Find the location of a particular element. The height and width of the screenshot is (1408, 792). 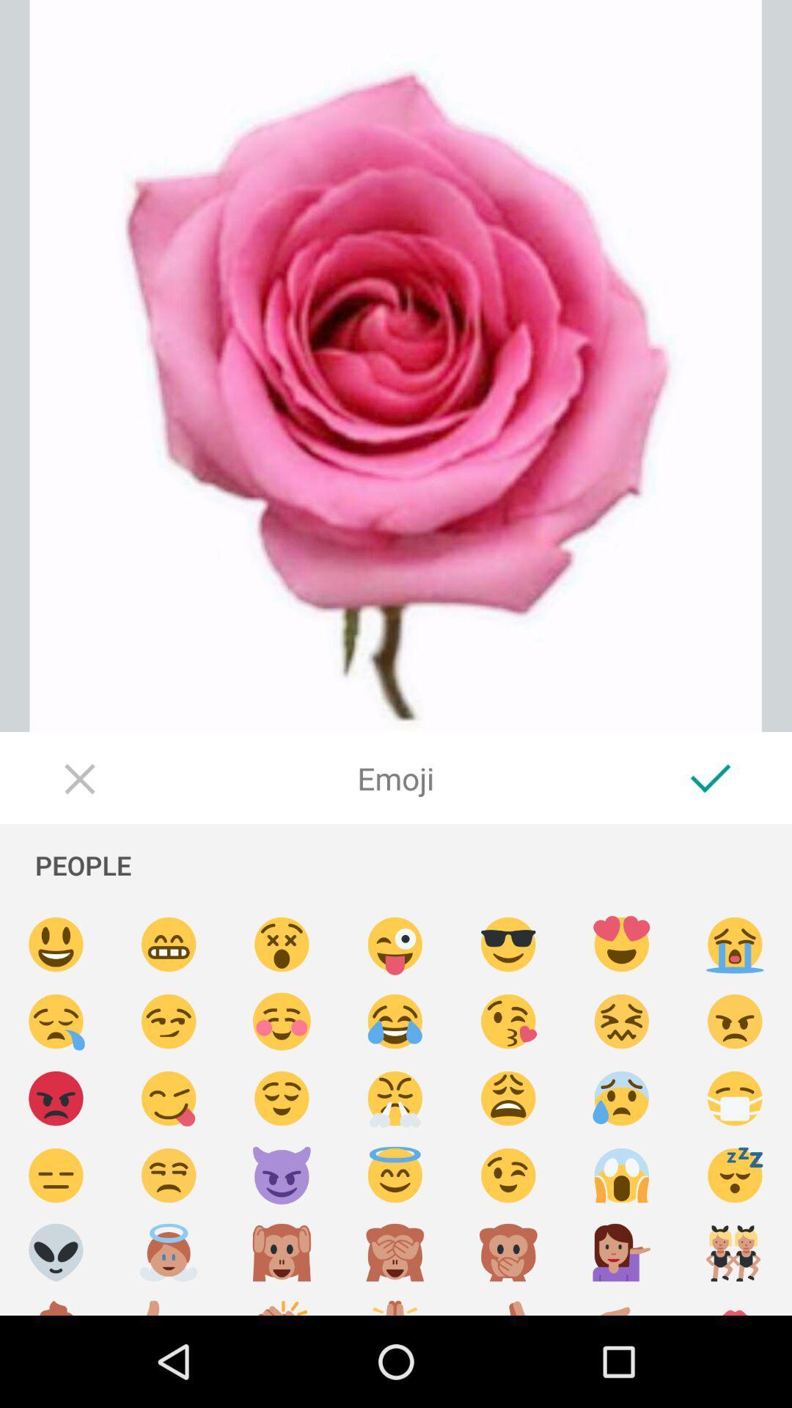

insert emoji is located at coordinates (168, 1176).